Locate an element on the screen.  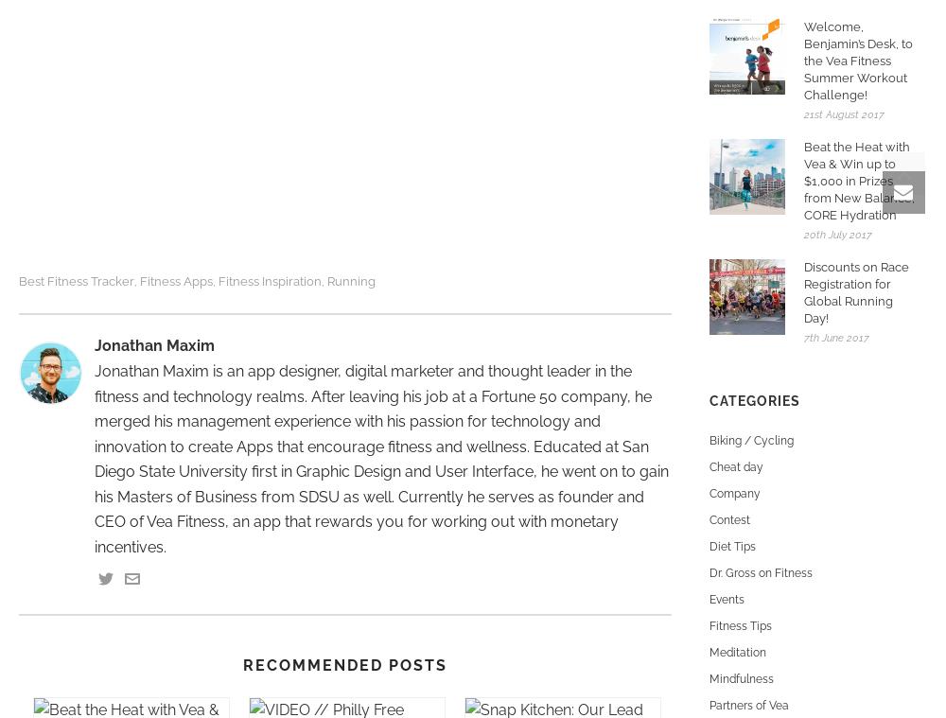
'Mindfulness' is located at coordinates (709, 679).